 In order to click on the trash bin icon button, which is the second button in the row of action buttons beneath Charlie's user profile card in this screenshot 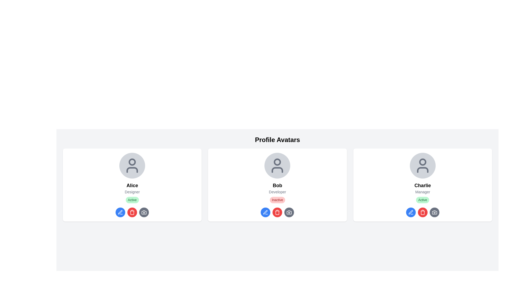, I will do `click(422, 212)`.